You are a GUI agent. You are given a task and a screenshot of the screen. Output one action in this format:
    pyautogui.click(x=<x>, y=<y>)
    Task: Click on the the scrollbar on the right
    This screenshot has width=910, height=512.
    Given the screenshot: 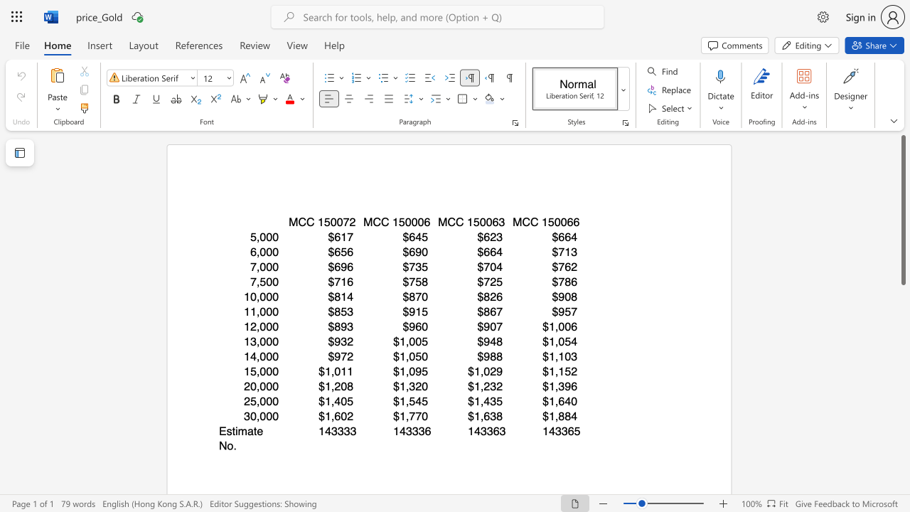 What is the action you would take?
    pyautogui.click(x=902, y=425)
    